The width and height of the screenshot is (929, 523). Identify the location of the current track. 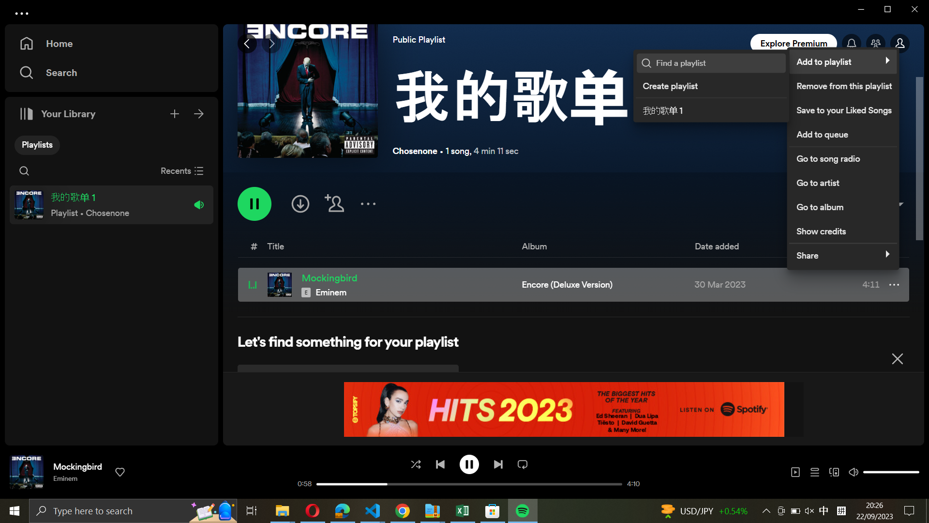
(469, 463).